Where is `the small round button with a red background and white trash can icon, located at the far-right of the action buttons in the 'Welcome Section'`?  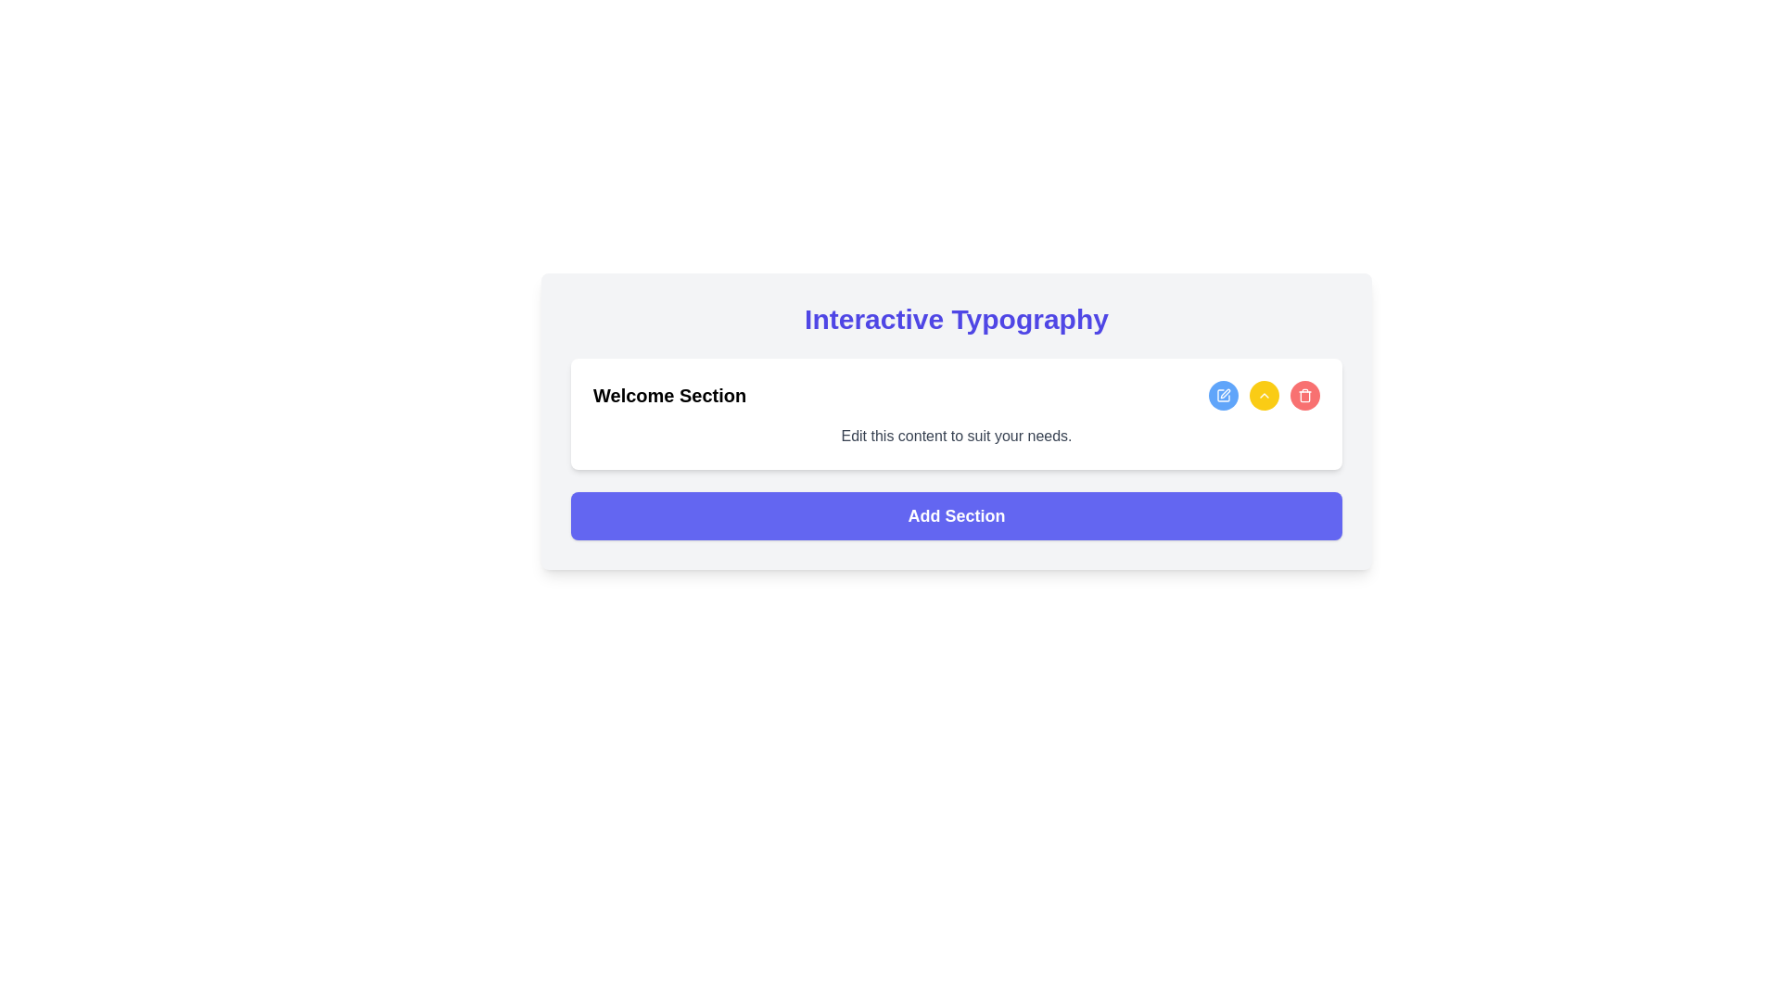
the small round button with a red background and white trash can icon, located at the far-right of the action buttons in the 'Welcome Section' is located at coordinates (1303, 395).